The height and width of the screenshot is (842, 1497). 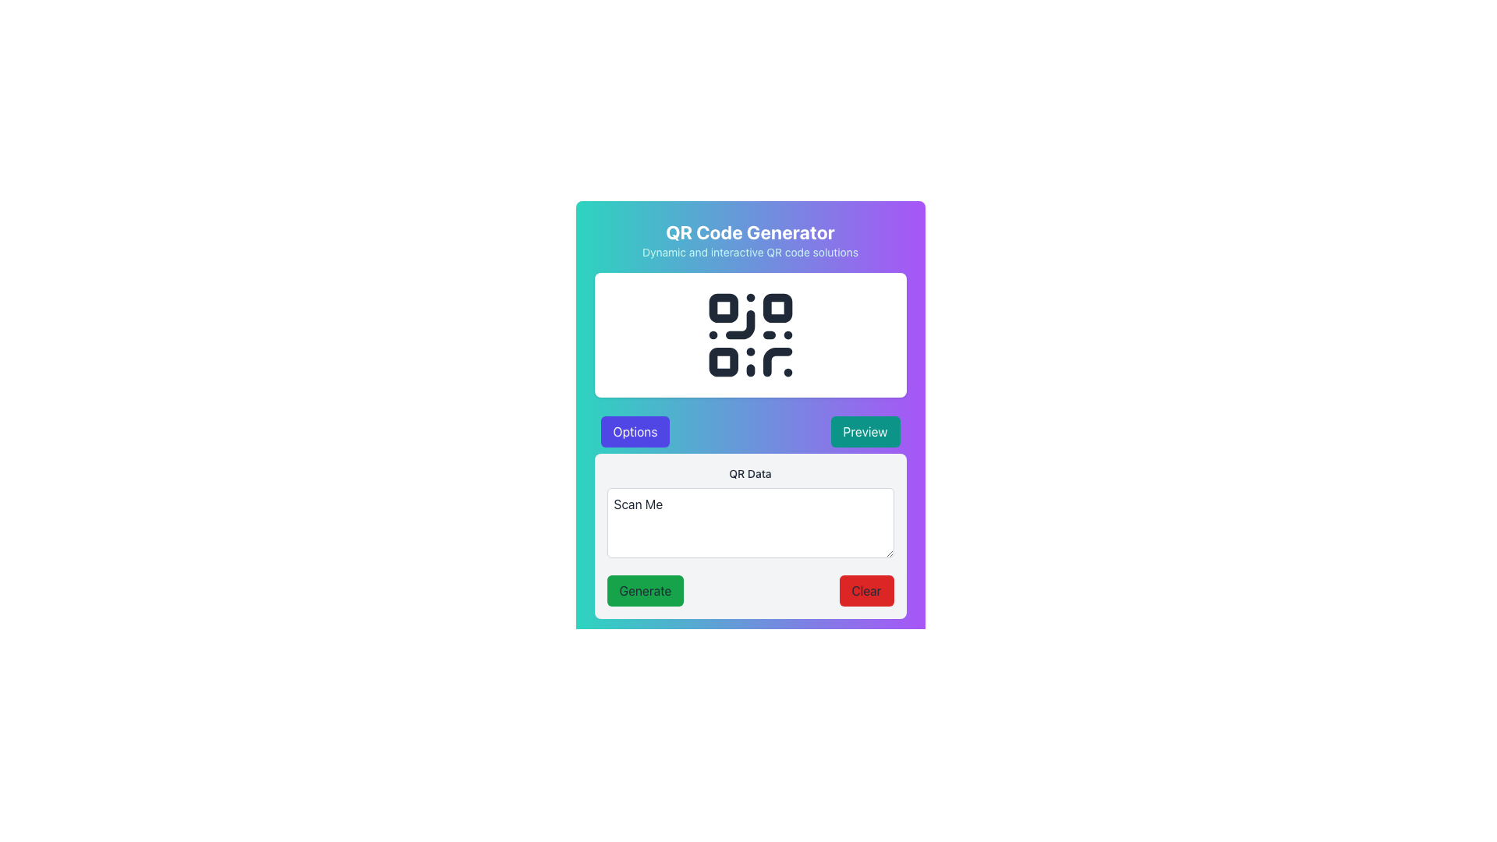 I want to click on text into the text input box located below the 'QR Data' label and above the 'Generate' and 'Clear' buttons, so click(x=750, y=517).